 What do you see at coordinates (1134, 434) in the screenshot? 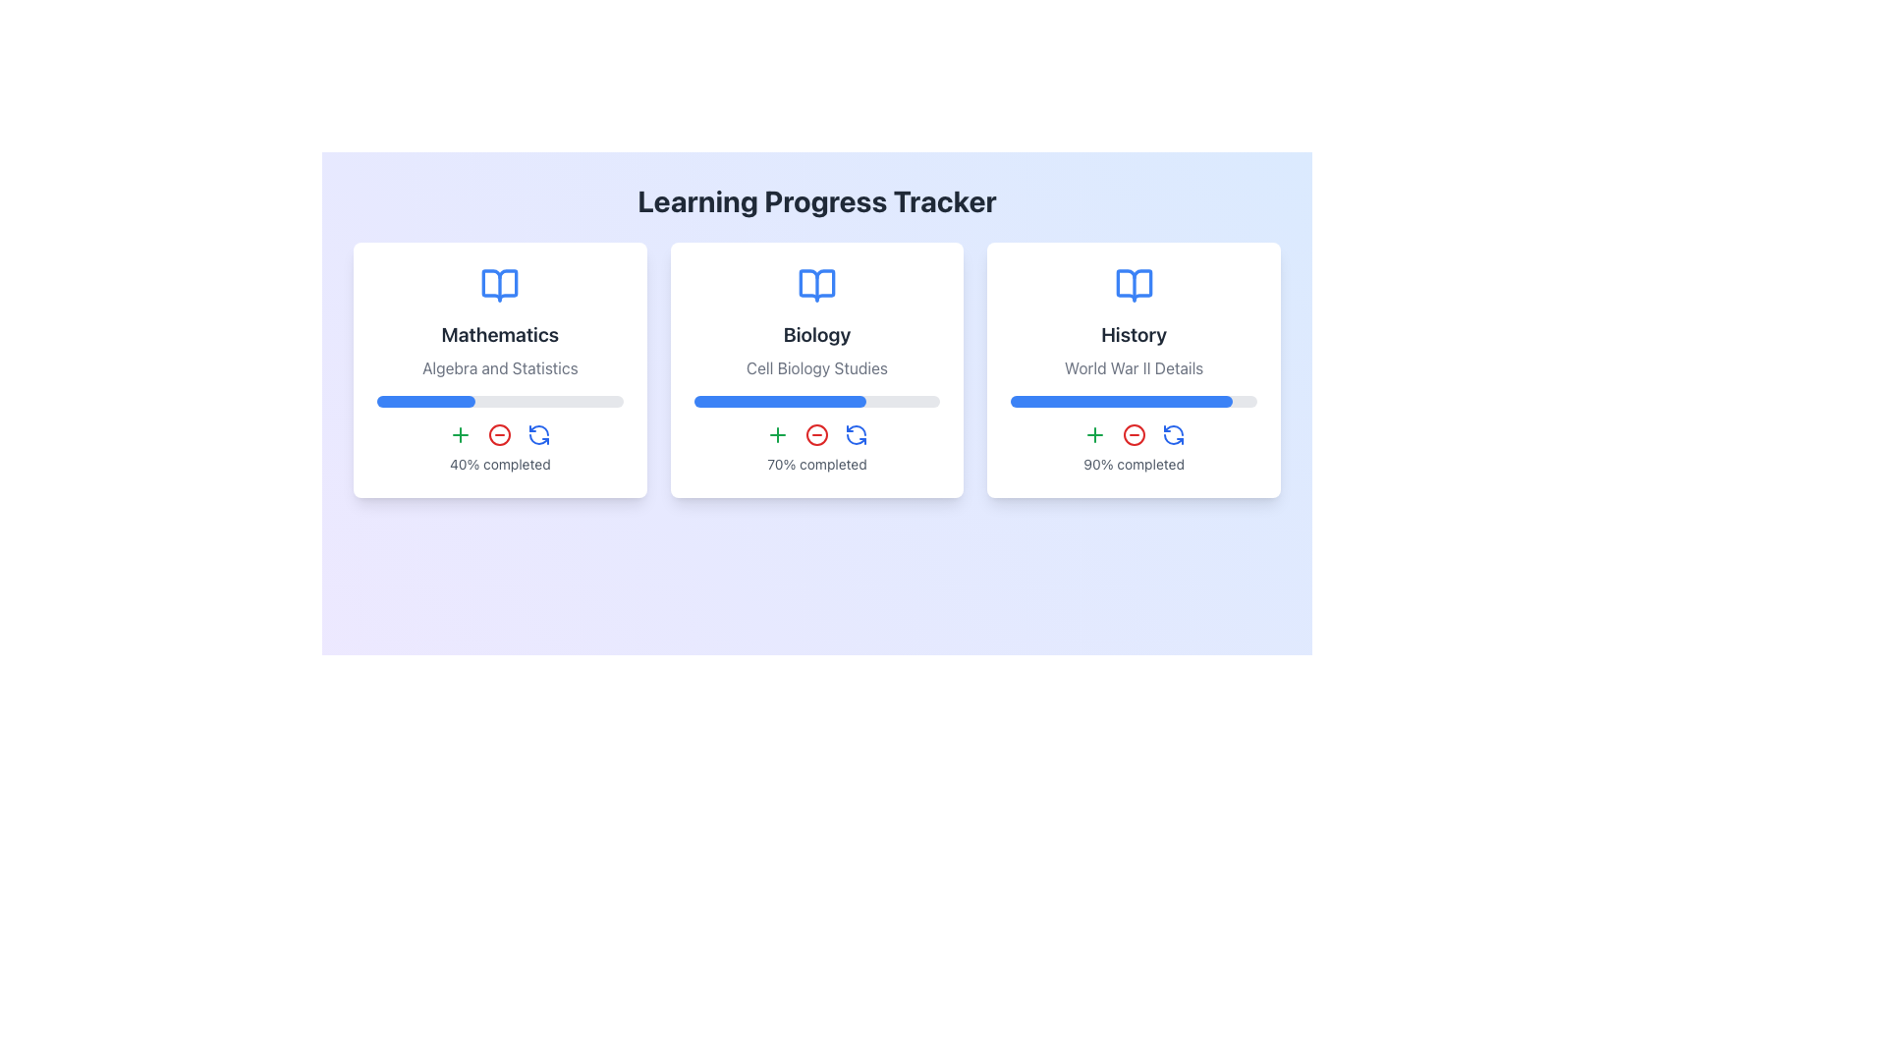
I see `the red icon in the interactive icon group located below the progress bar and above the text '90% completed' in the last card of the horizontally arranged list` at bounding box center [1134, 434].